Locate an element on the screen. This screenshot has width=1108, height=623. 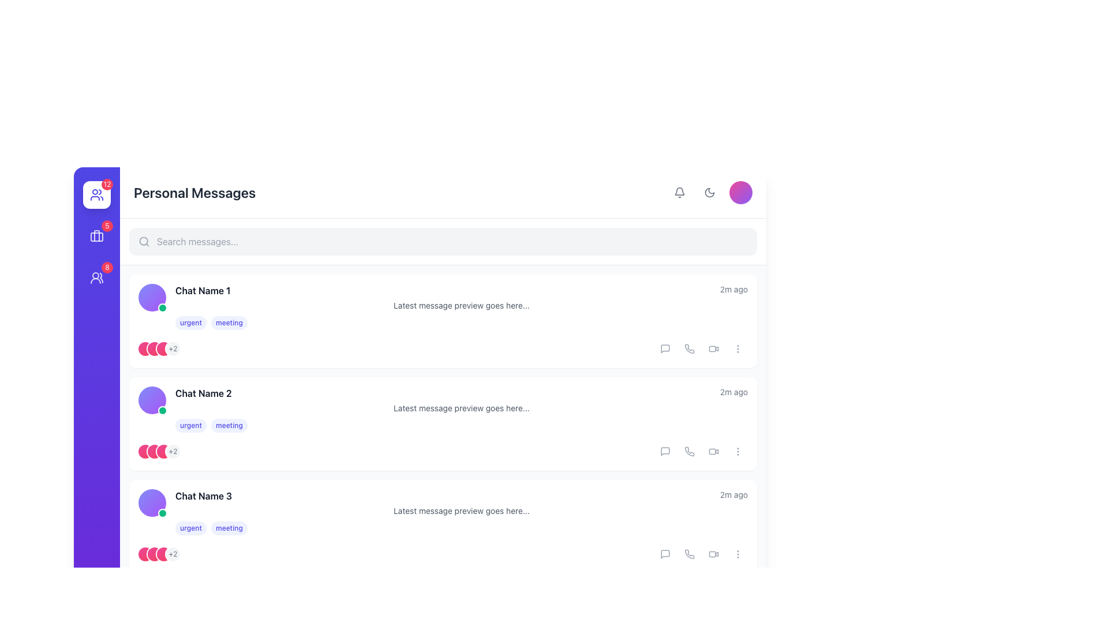
the third entry is located at coordinates (443, 511).